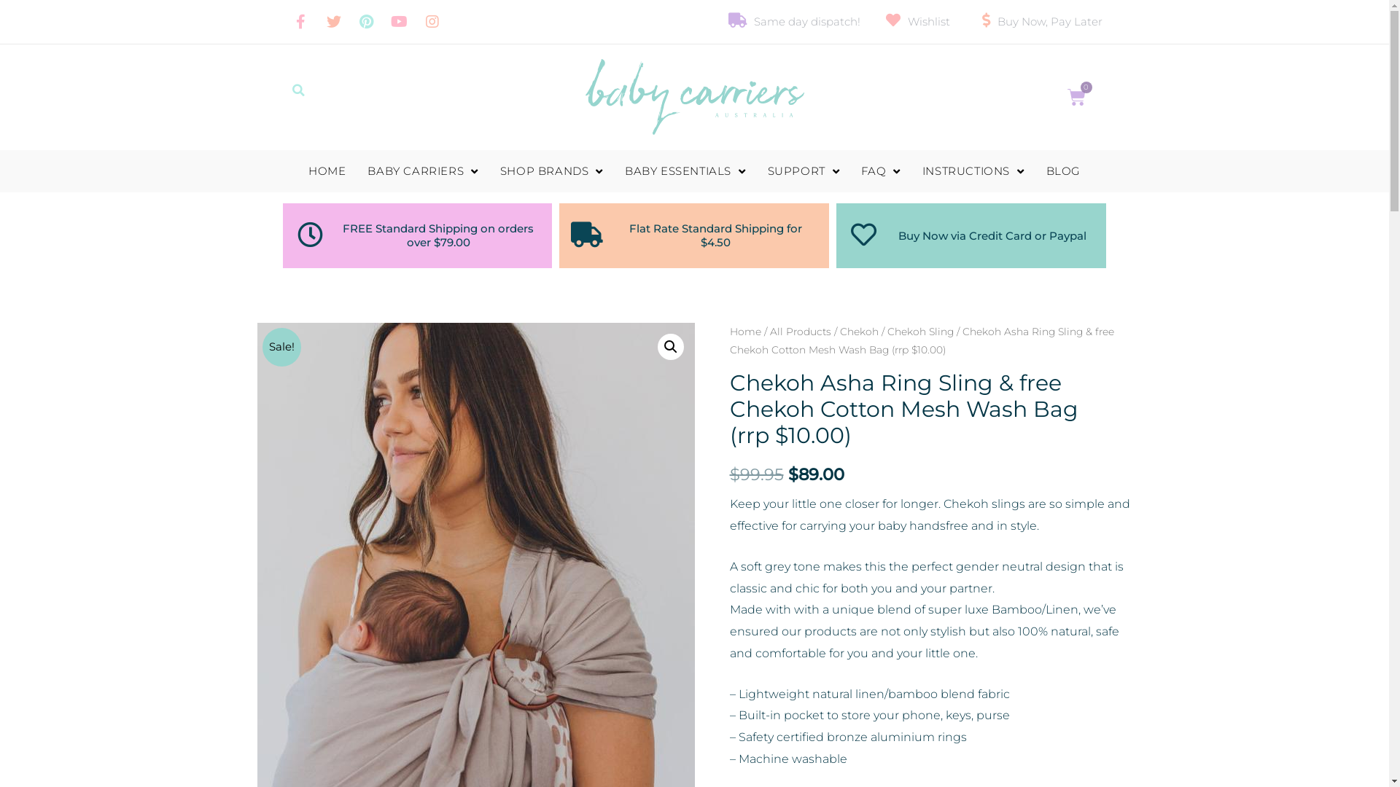 This screenshot has height=787, width=1400. I want to click on 'Buy Now, Pay Later', so click(1036, 22).